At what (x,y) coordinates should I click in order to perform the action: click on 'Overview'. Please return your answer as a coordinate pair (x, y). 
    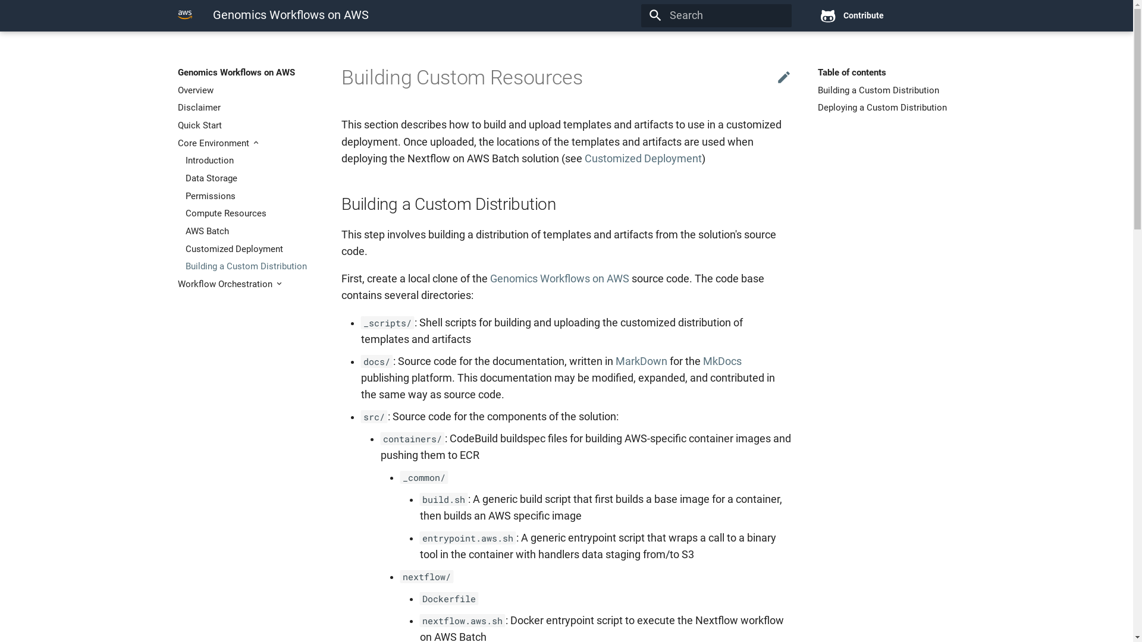
    Looking at the image, I should click on (246, 89).